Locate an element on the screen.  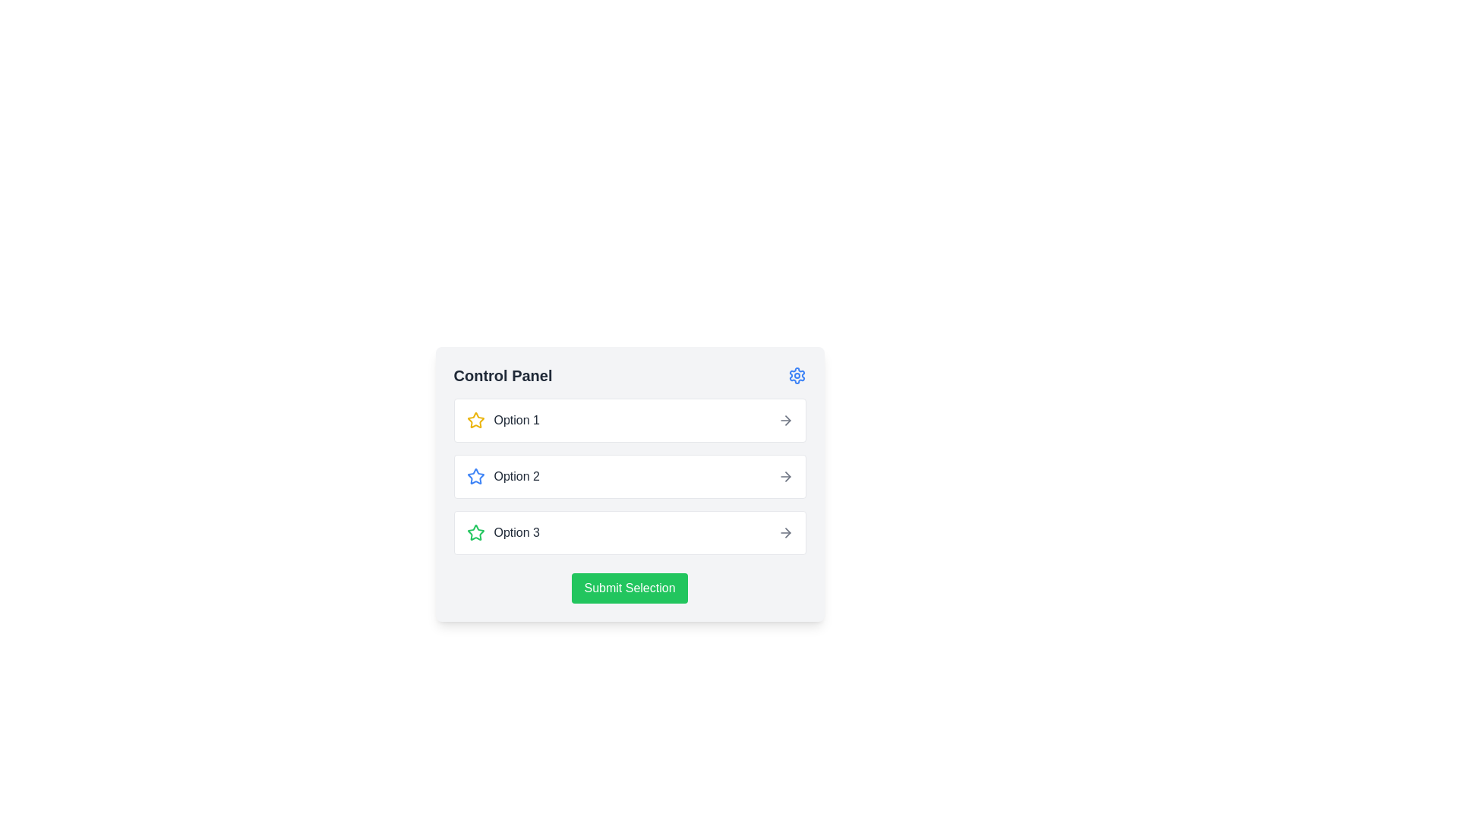
the decorative icon representing 'Option 1' in the control panel, which is the first item in a vertical list is located at coordinates (475, 475).